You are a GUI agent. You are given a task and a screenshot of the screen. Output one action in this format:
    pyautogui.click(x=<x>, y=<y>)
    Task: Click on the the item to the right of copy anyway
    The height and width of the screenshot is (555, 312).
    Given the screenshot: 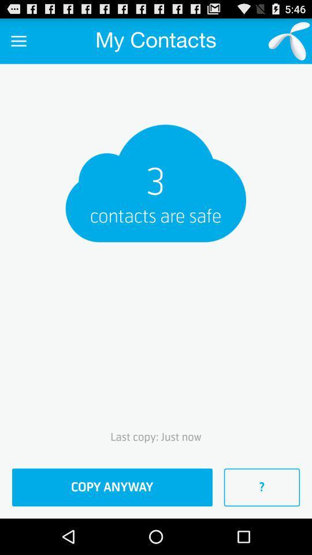 What is the action you would take?
    pyautogui.click(x=262, y=487)
    